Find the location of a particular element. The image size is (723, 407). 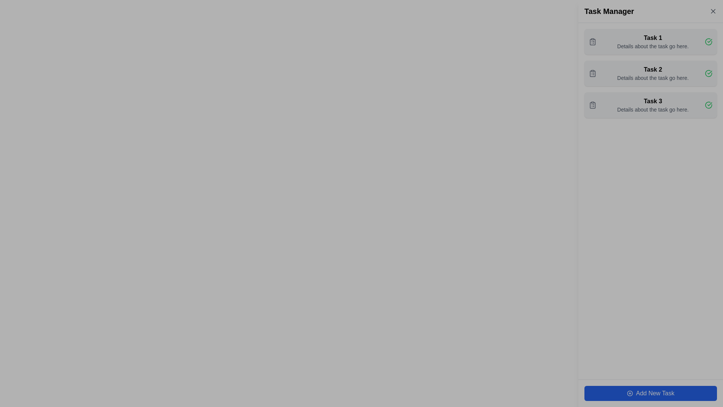

the completion icon located in the top-right corner of the first task card in the 'Task Manager' panel, adjacent to 'Task 1' is located at coordinates (708, 42).